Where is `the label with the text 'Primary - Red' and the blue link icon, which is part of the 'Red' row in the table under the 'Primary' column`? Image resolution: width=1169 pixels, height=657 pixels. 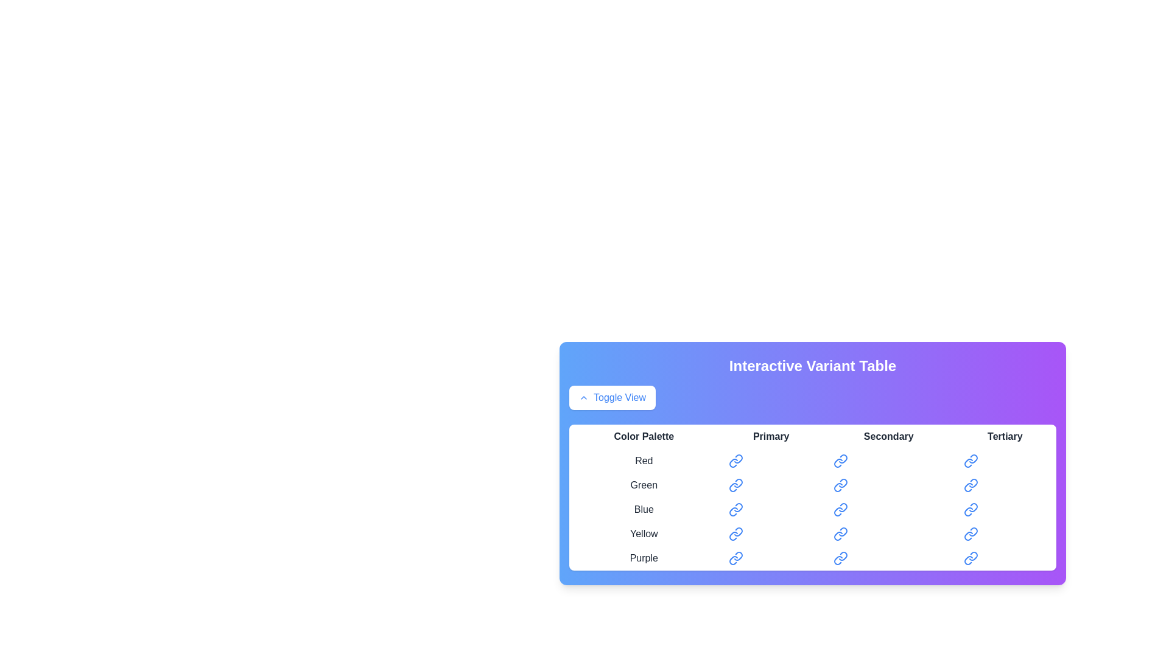
the label with the text 'Primary - Red' and the blue link icon, which is part of the 'Red' row in the table under the 'Primary' column is located at coordinates (770, 461).